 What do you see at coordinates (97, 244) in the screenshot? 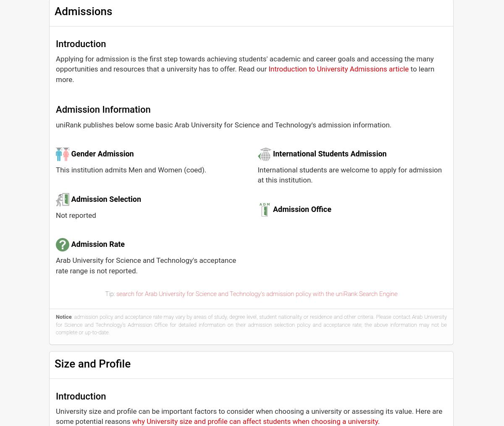
I see `'Admission Rate'` at bounding box center [97, 244].